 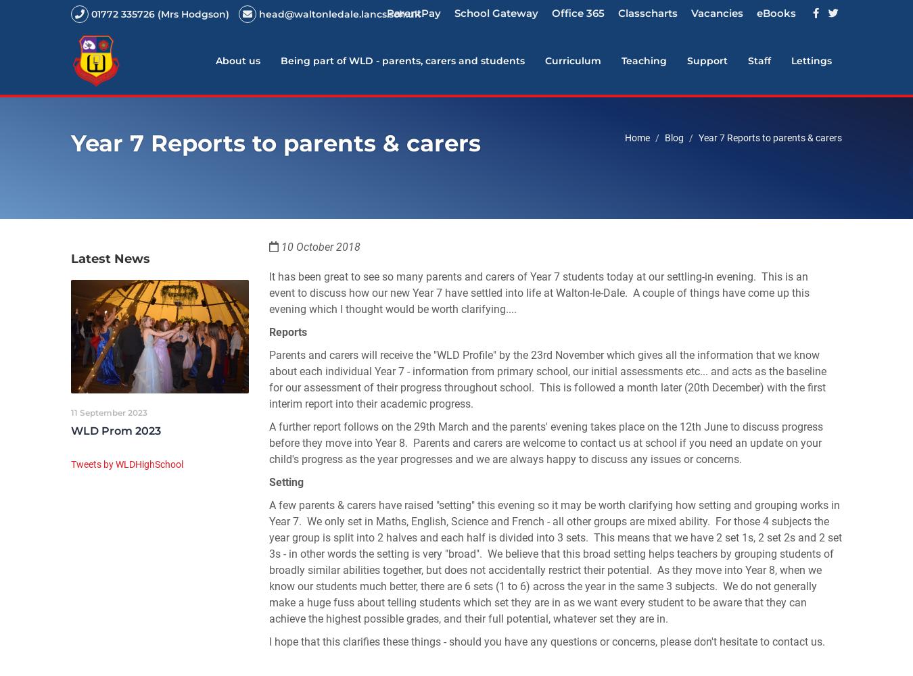 What do you see at coordinates (91, 14) in the screenshot?
I see `'01772 335726 (Mrs Hodgson)'` at bounding box center [91, 14].